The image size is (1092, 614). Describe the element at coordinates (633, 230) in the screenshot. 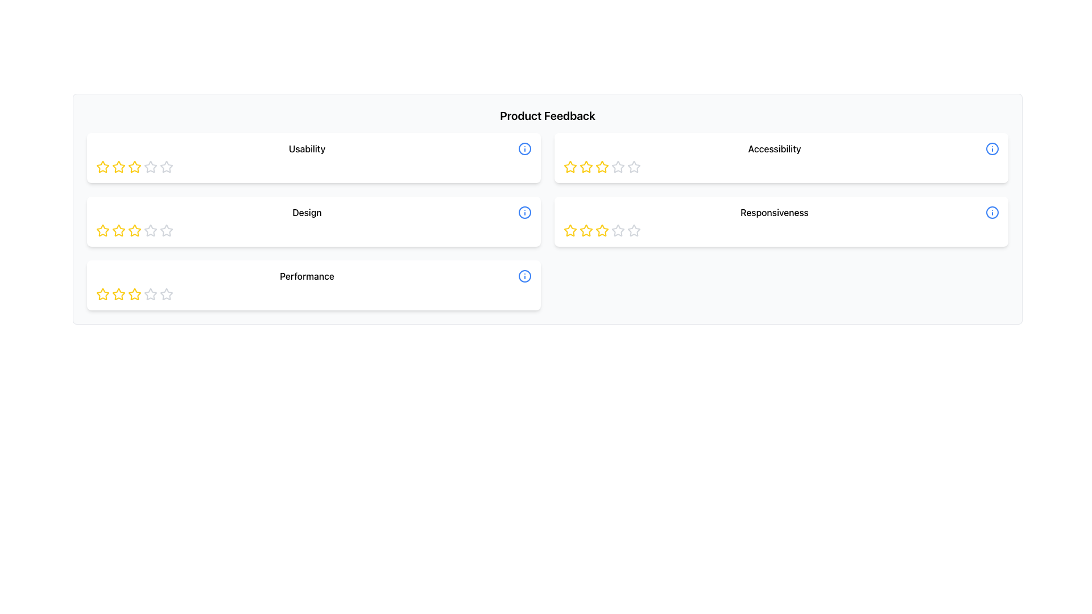

I see `the eighth star in the row of nine stars for the 'Responsiveness' feedback section` at that location.